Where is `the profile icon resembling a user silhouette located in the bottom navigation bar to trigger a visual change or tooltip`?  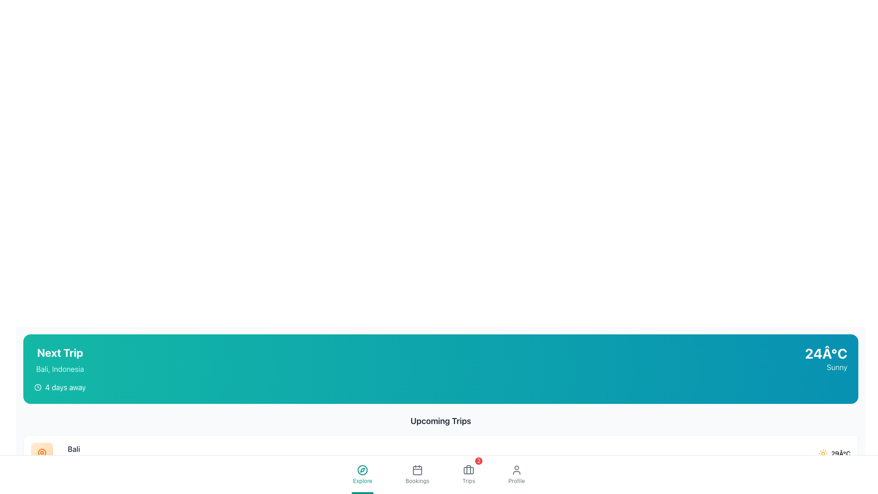
the profile icon resembling a user silhouette located in the bottom navigation bar to trigger a visual change or tooltip is located at coordinates (516, 470).